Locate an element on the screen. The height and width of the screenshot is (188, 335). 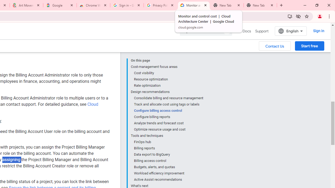
'Contact Us' is located at coordinates (275, 45).